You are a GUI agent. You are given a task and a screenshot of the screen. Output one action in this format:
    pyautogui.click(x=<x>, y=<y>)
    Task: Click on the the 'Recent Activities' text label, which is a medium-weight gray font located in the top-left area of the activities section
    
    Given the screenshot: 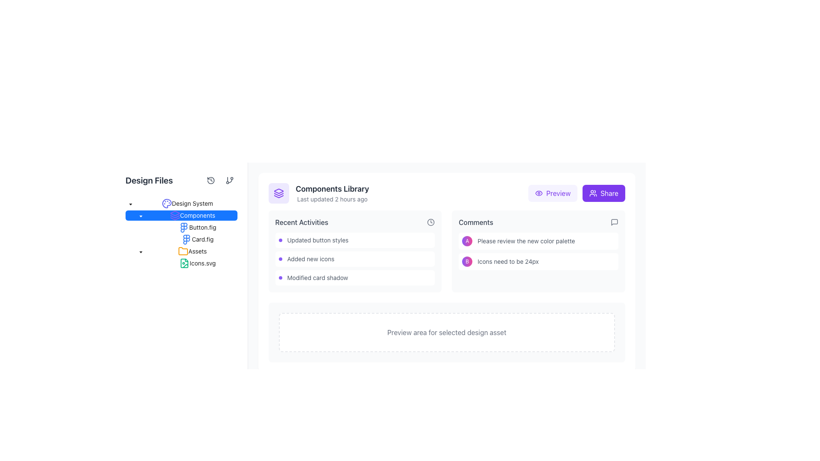 What is the action you would take?
    pyautogui.click(x=302, y=222)
    